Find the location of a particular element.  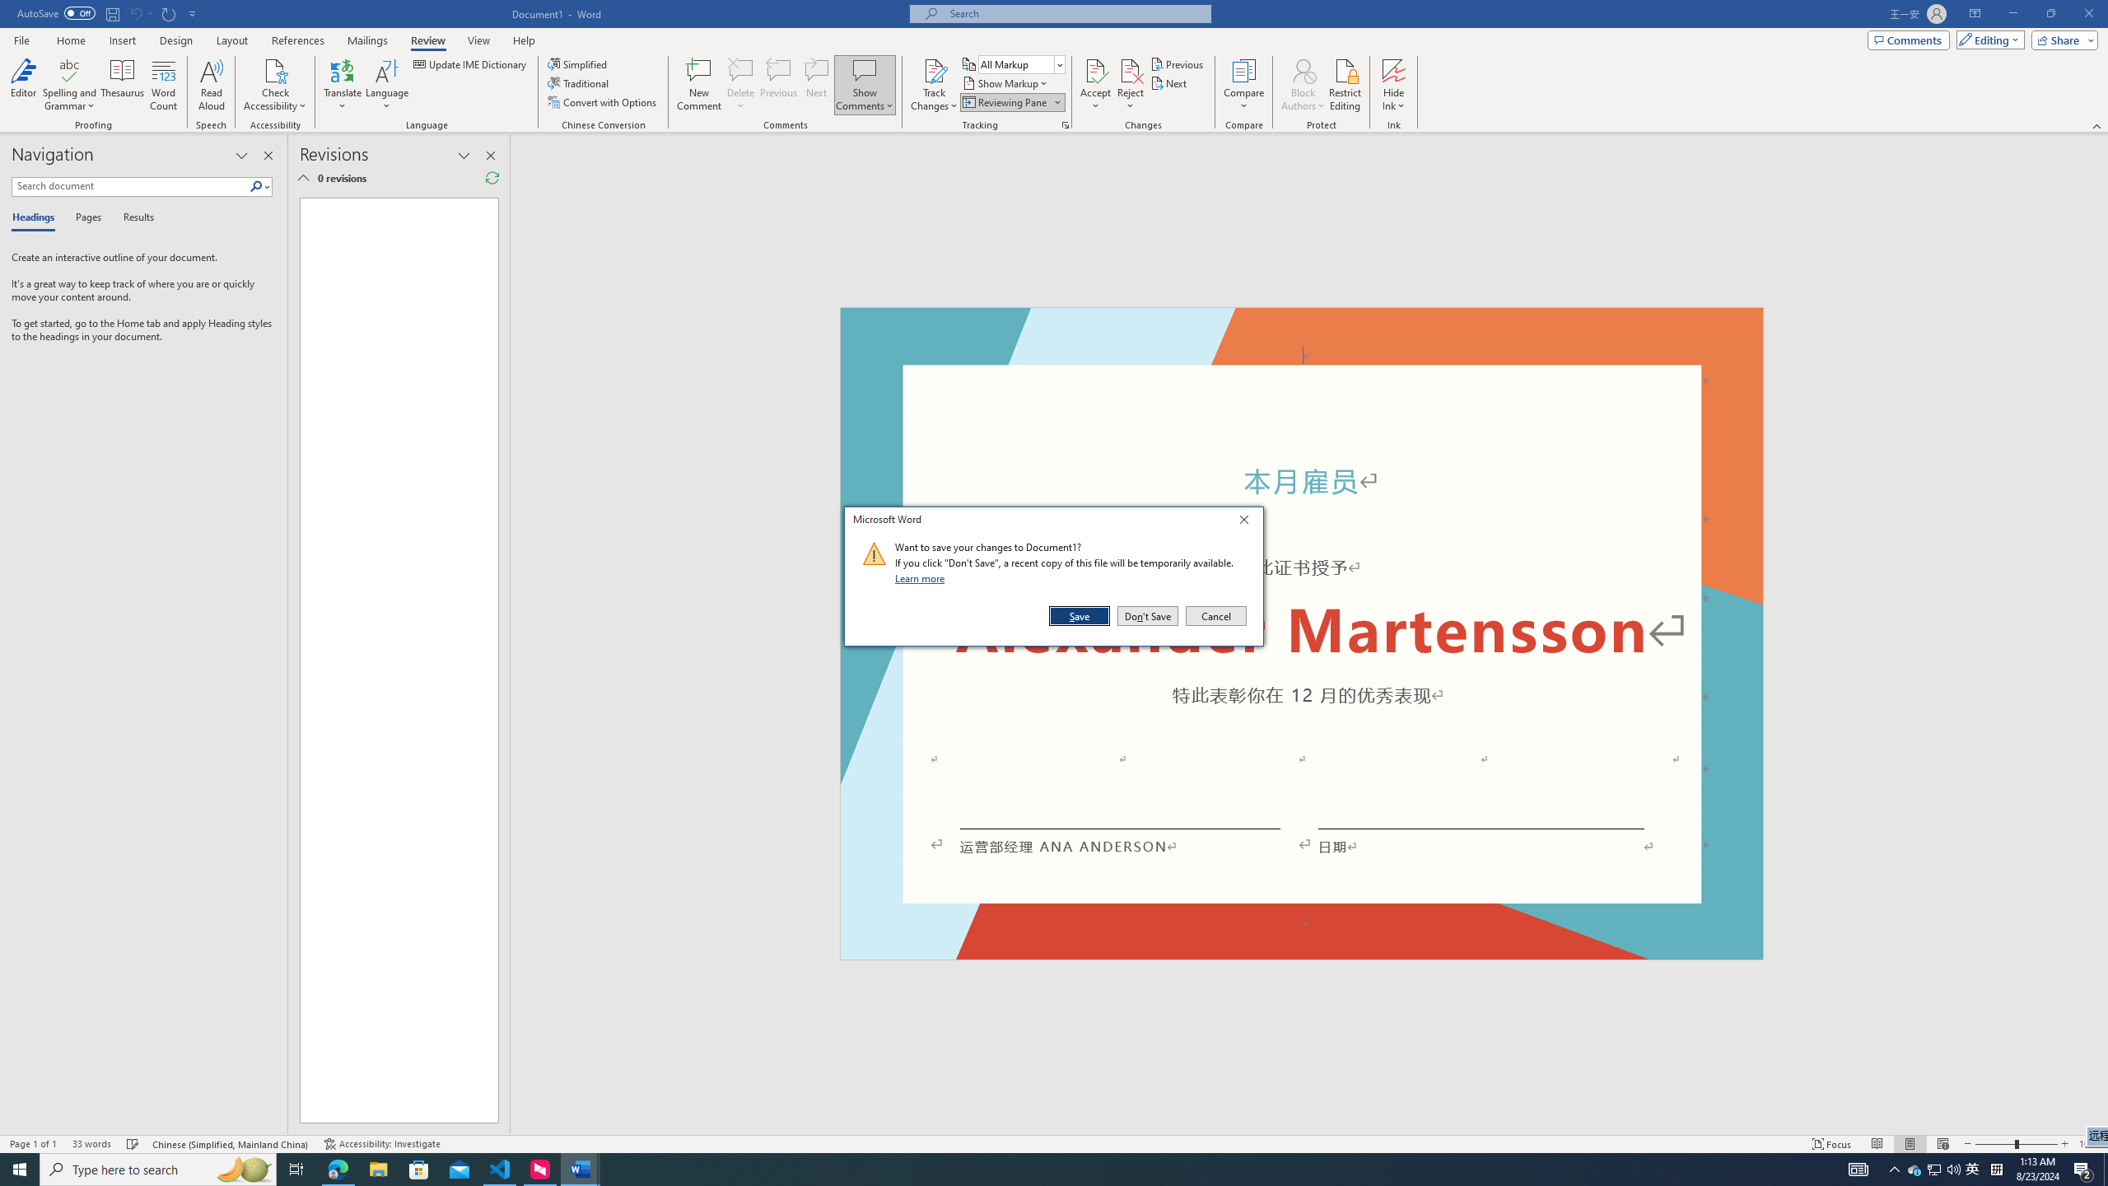

'Focus ' is located at coordinates (1832, 1144).